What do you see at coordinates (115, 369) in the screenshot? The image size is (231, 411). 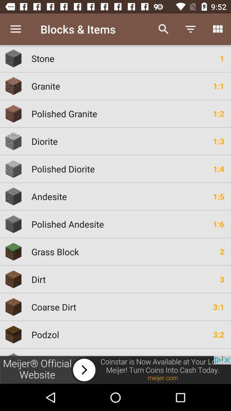 I see `open advertisement` at bounding box center [115, 369].